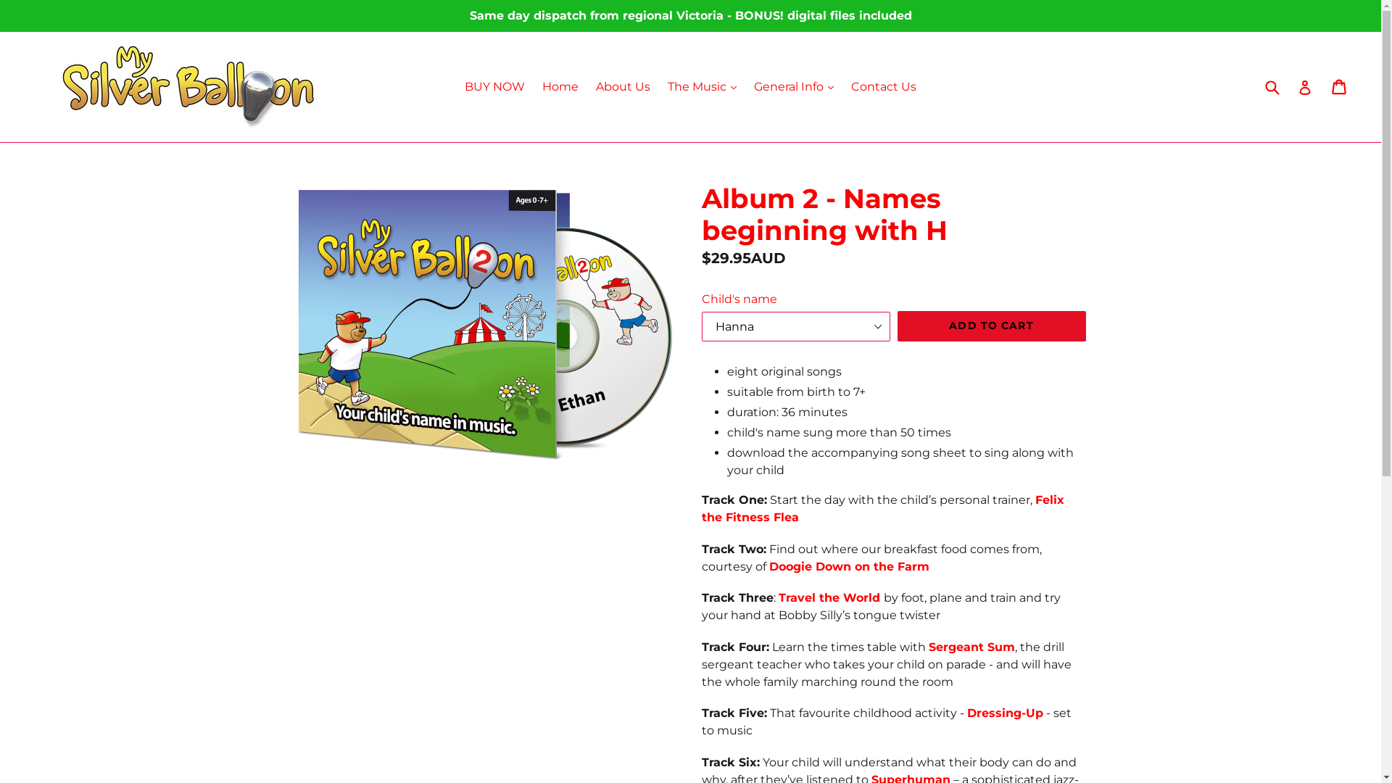 The image size is (1392, 783). What do you see at coordinates (494, 86) in the screenshot?
I see `'BUY NOW'` at bounding box center [494, 86].